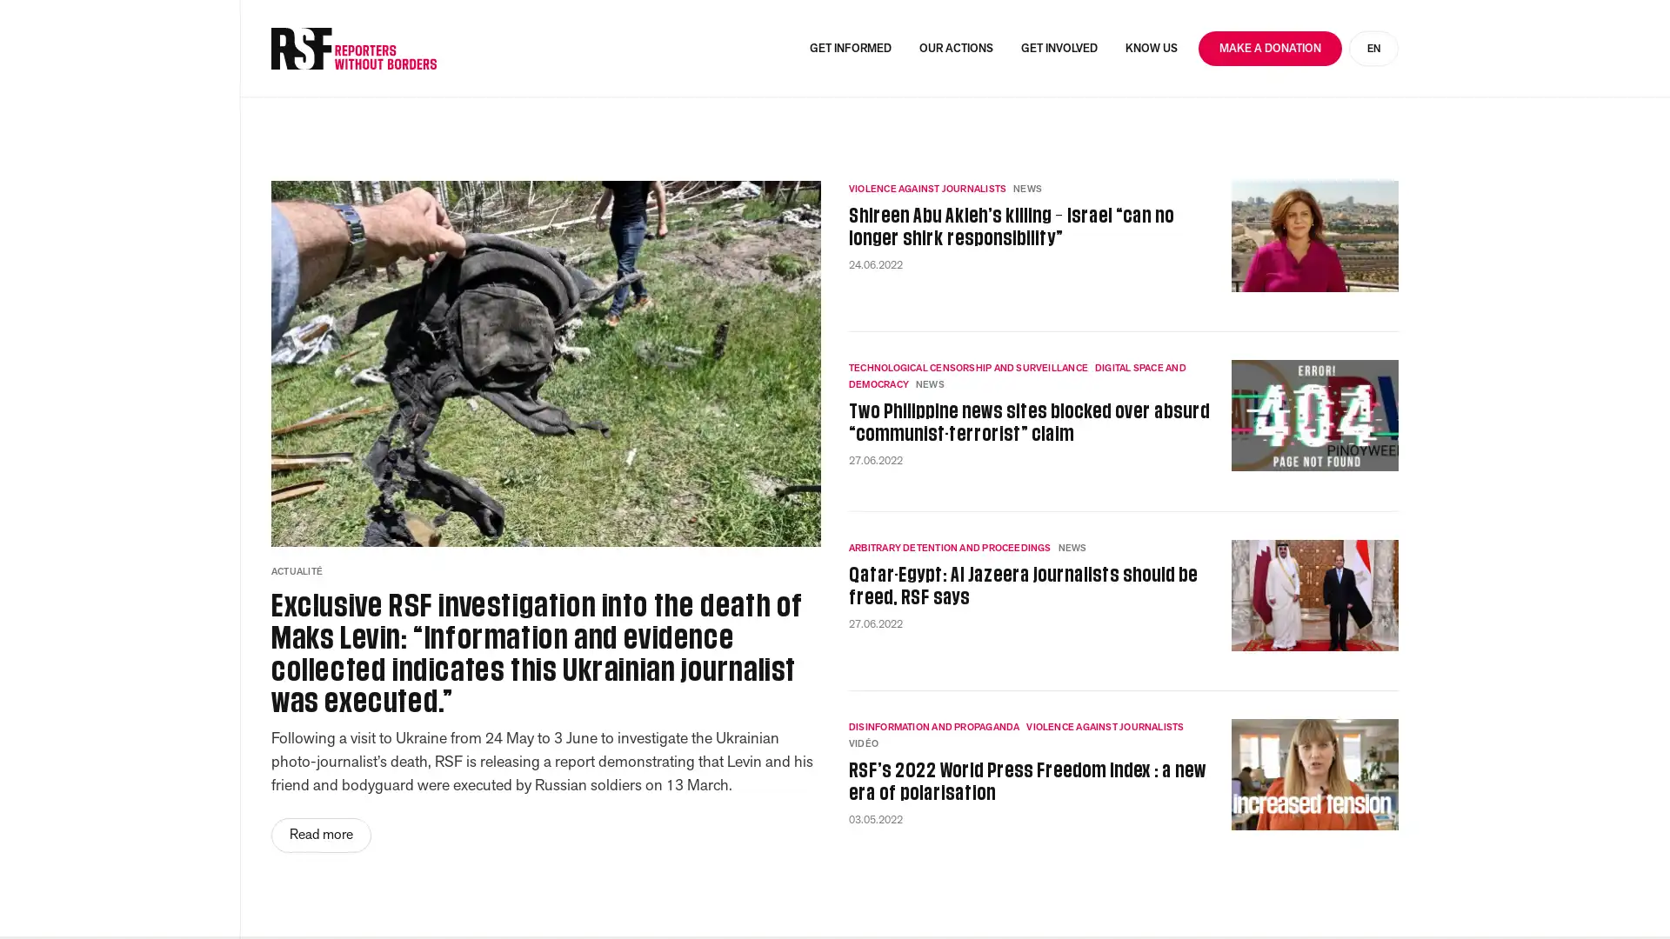  I want to click on Accept everything, so click(1056, 894).